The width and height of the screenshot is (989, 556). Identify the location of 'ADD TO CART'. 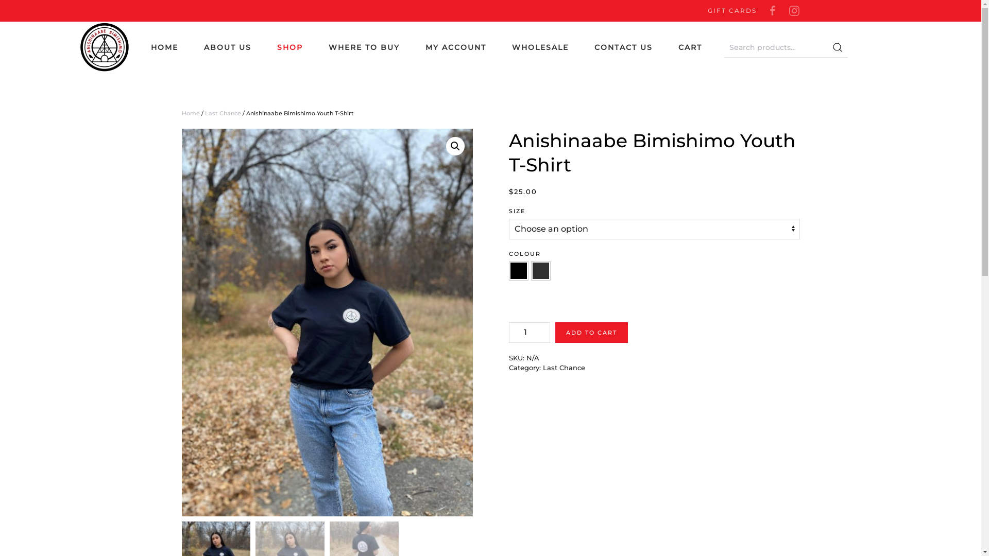
(591, 332).